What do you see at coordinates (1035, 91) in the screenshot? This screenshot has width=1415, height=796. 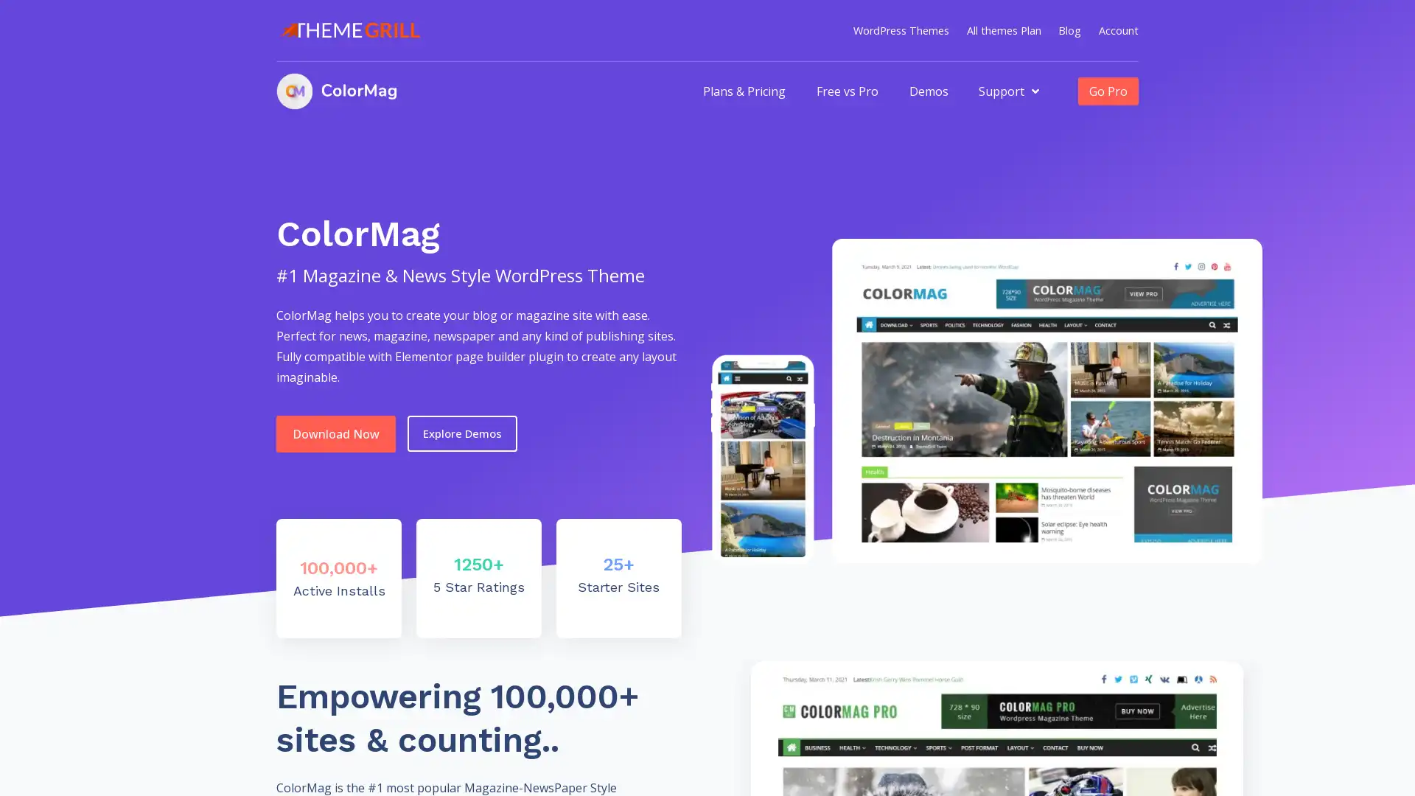 I see `Show submenu of Support` at bounding box center [1035, 91].